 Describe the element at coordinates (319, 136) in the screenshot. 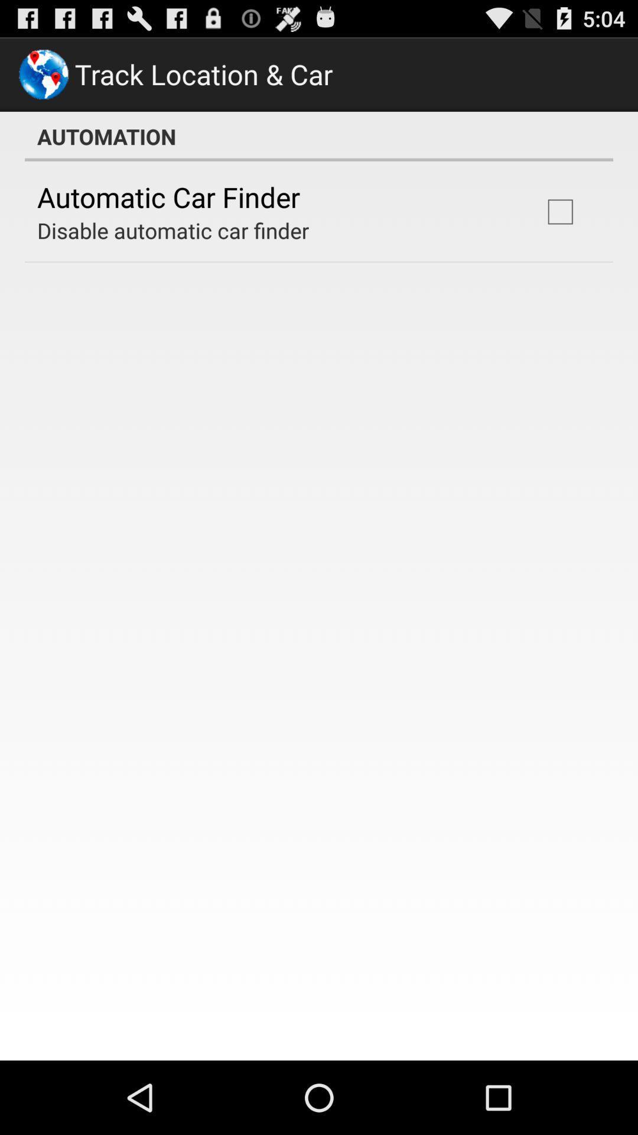

I see `the item above the automatic car finder item` at that location.